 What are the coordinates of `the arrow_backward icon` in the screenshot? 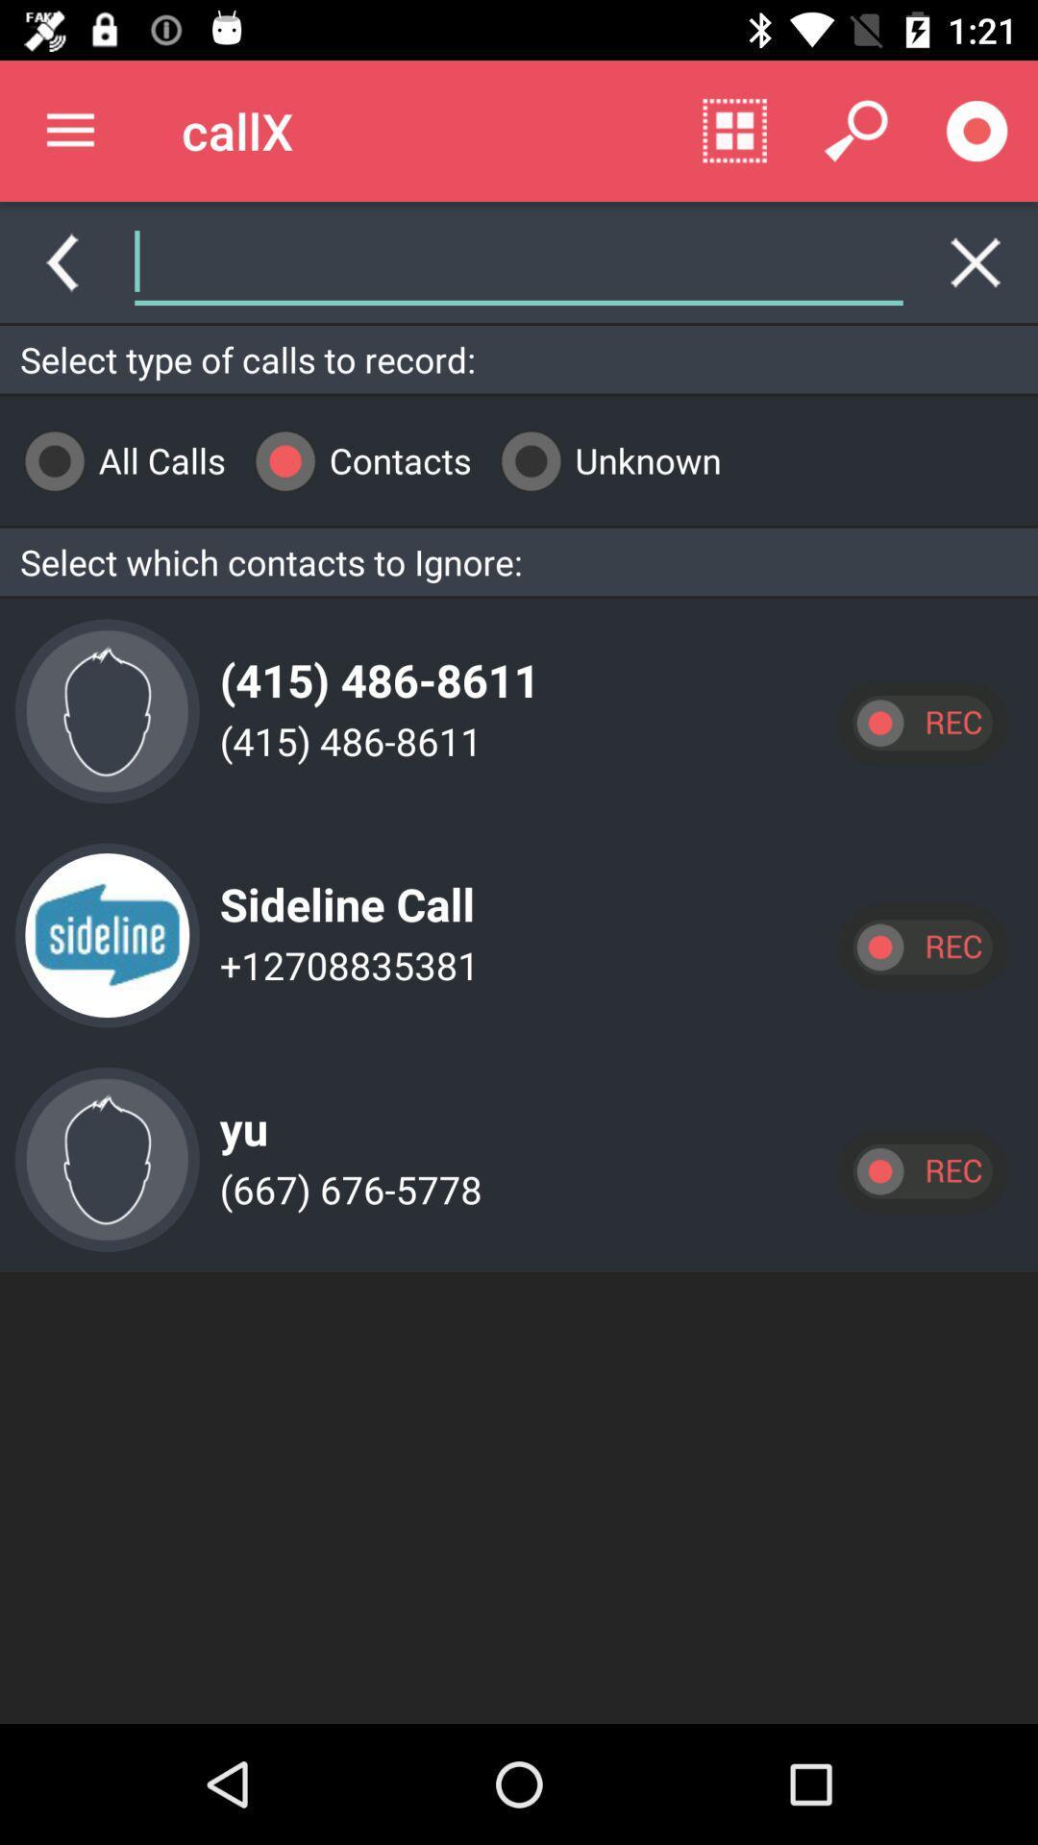 It's located at (61, 261).